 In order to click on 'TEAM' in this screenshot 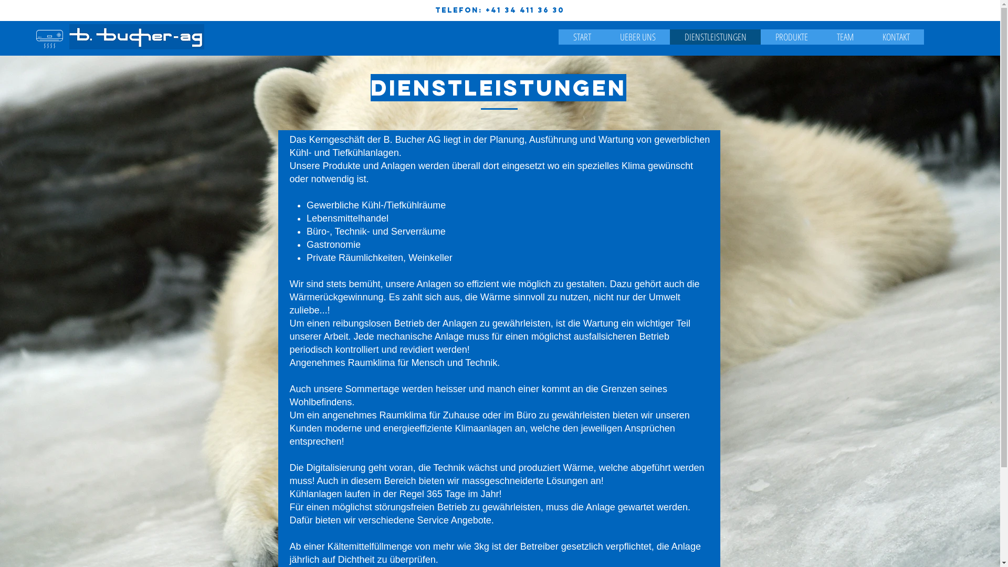, I will do `click(821, 36)`.